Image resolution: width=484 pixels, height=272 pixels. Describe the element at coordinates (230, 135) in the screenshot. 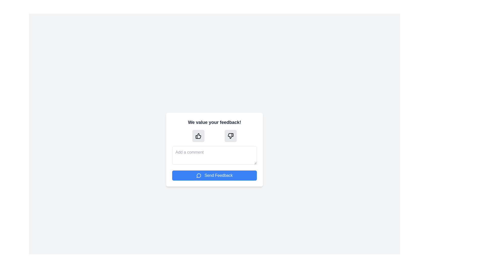

I see `the dissatisfaction feedback icon located on the right side of the feedback panel, positioned slightly to the right of the leftmost thumbs-up icon` at that location.